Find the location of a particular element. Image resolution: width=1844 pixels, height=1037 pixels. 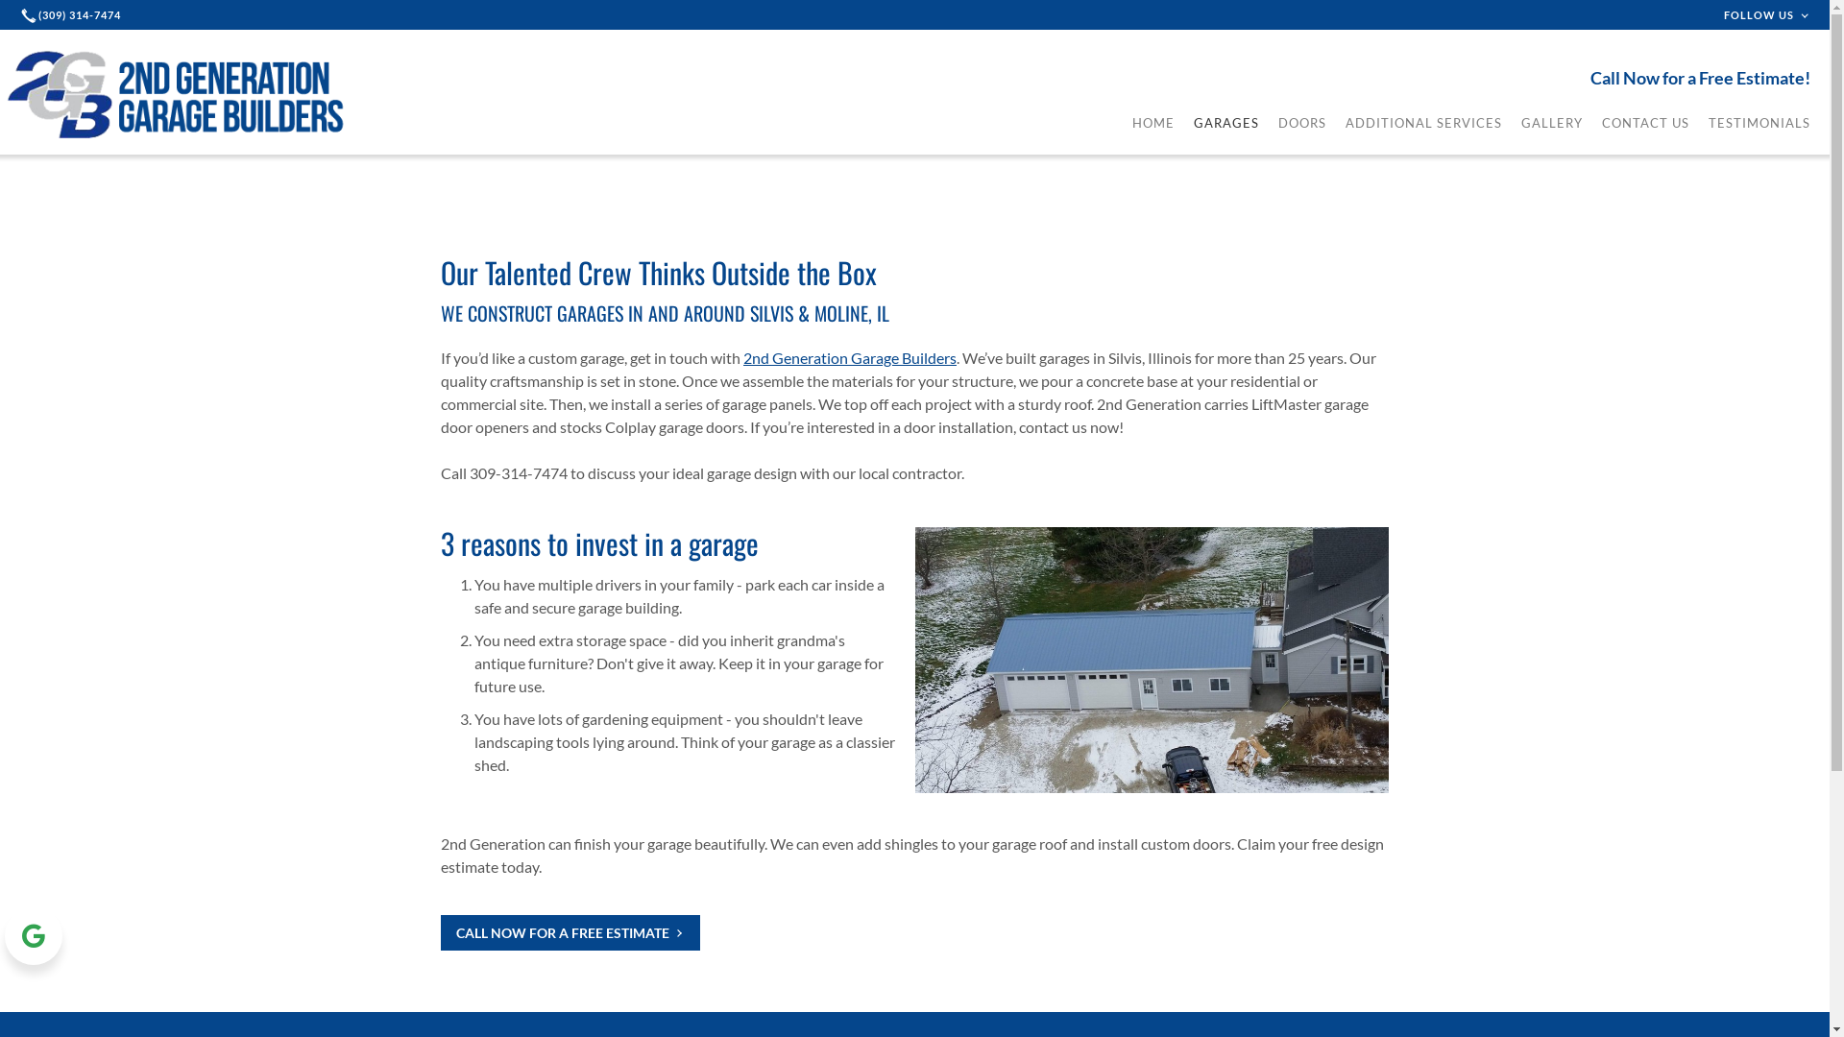

'(309) 314-7474' is located at coordinates (73, 14).